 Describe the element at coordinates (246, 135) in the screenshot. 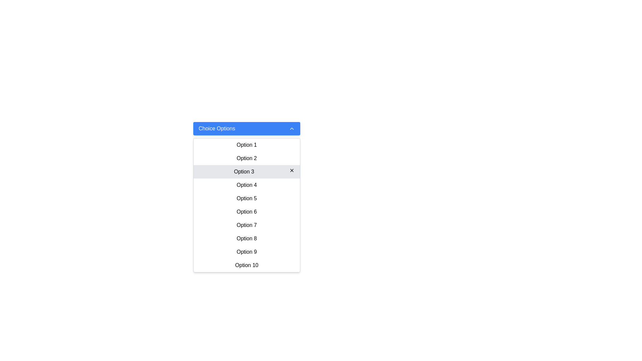

I see `an option in the dropdown menu located near the top-left corner of the menu section` at that location.